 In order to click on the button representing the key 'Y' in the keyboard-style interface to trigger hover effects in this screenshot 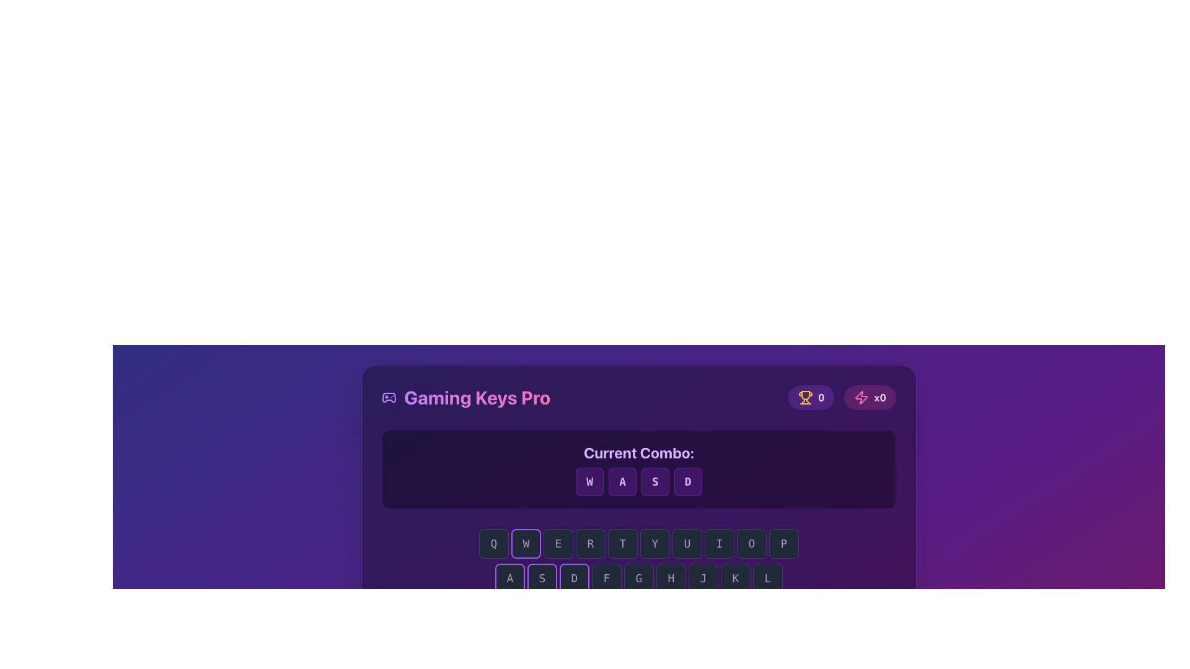, I will do `click(654, 543)`.